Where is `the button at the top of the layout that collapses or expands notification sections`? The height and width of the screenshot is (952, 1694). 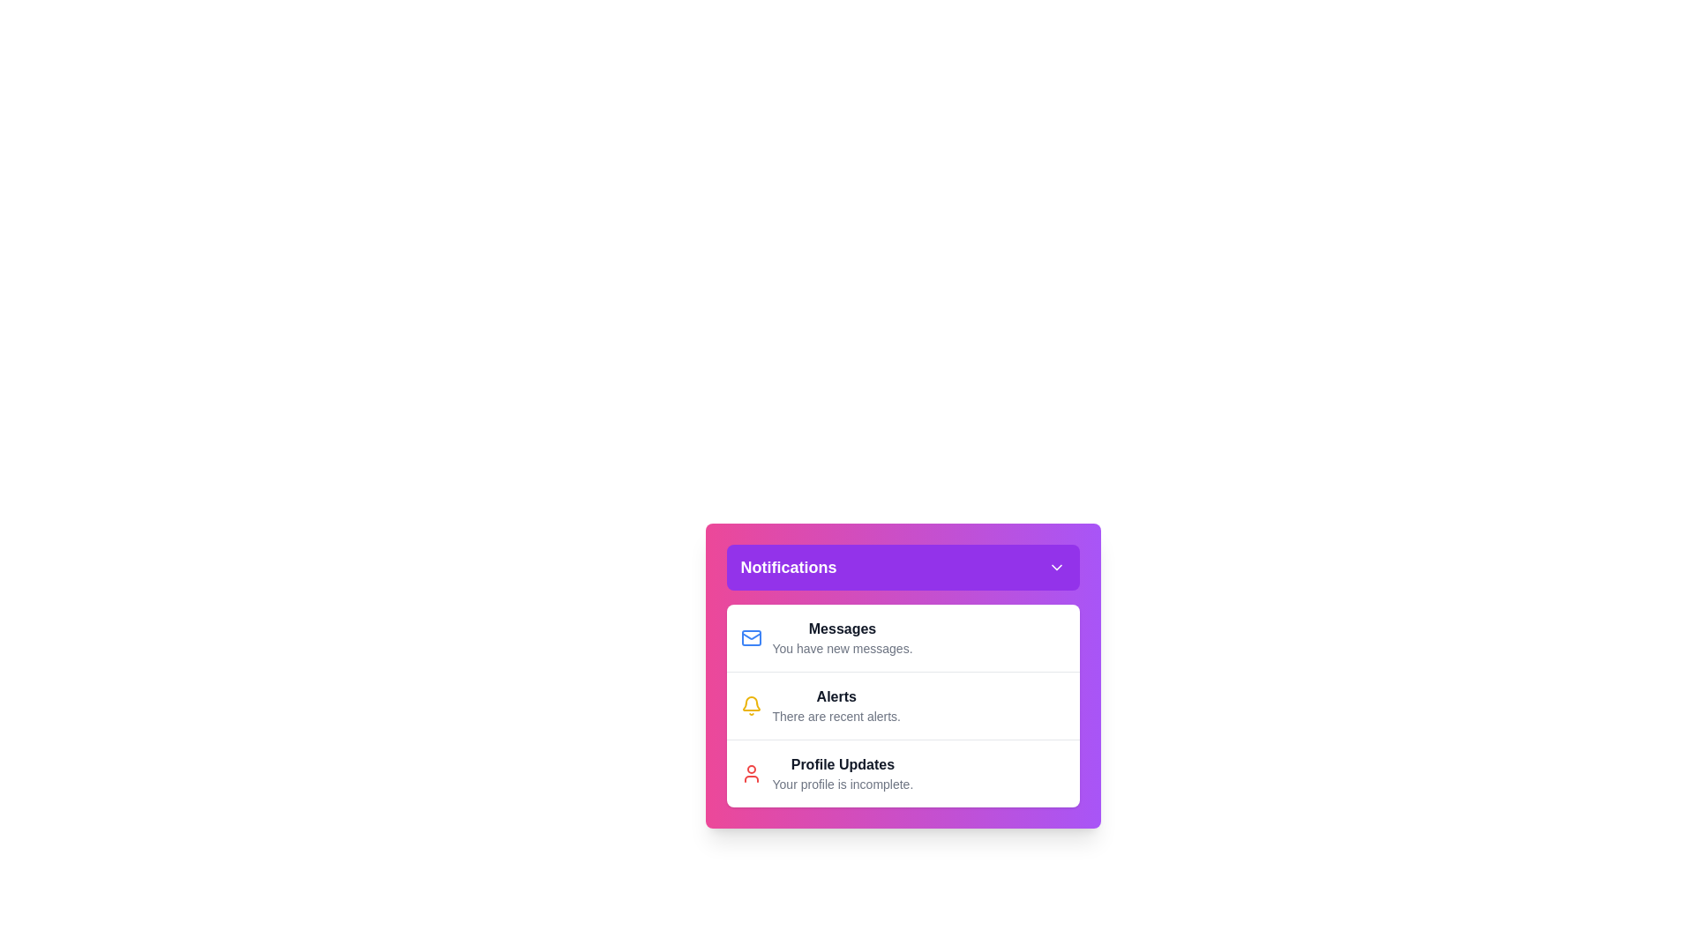
the button at the top of the layout that collapses or expands notification sections is located at coordinates (903, 568).